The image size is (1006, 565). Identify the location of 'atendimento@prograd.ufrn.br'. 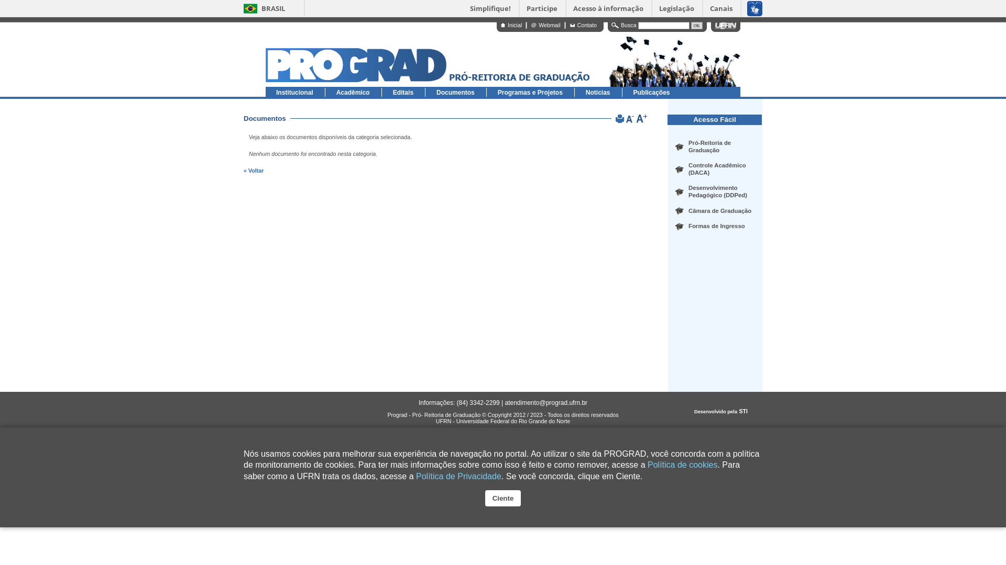
(545, 402).